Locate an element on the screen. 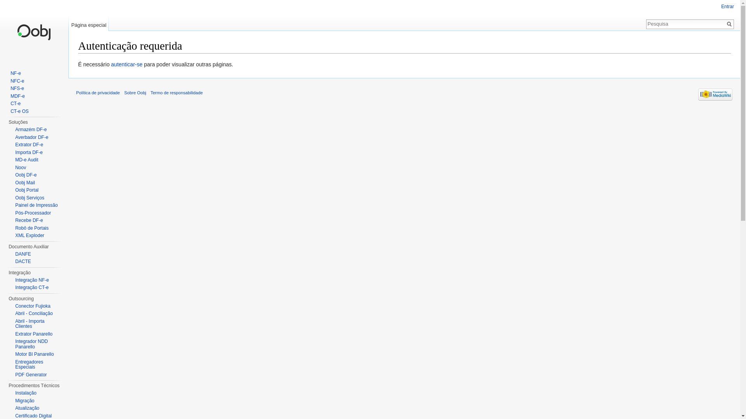 The image size is (746, 419). 'Motor BI Panarello' is located at coordinates (34, 354).